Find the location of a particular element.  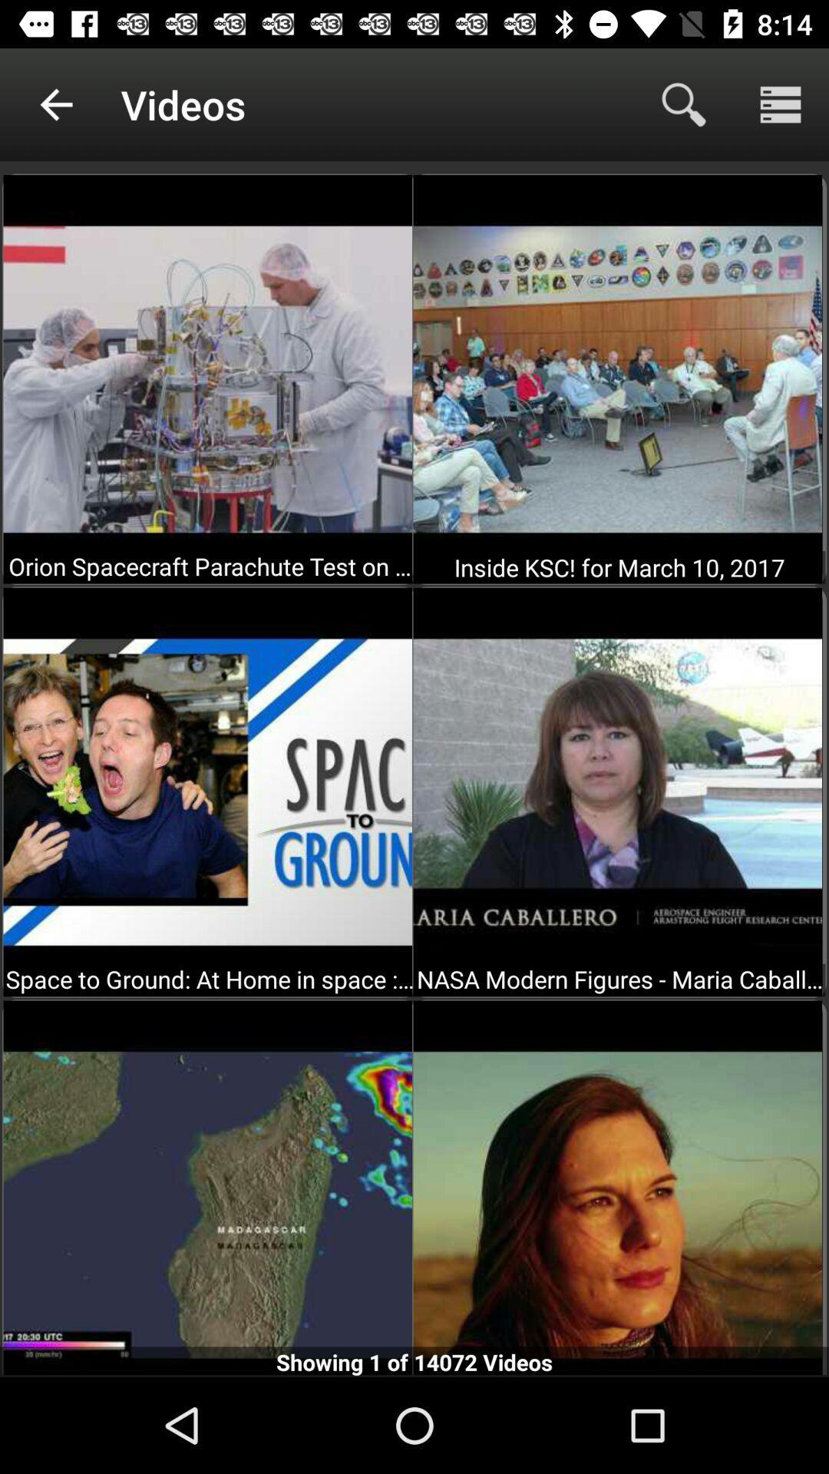

app to the right of the videos icon is located at coordinates (683, 104).